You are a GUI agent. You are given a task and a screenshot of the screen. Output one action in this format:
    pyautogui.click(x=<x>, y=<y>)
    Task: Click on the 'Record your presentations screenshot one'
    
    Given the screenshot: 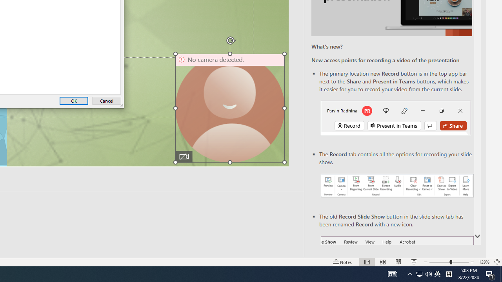 What is the action you would take?
    pyautogui.click(x=397, y=186)
    